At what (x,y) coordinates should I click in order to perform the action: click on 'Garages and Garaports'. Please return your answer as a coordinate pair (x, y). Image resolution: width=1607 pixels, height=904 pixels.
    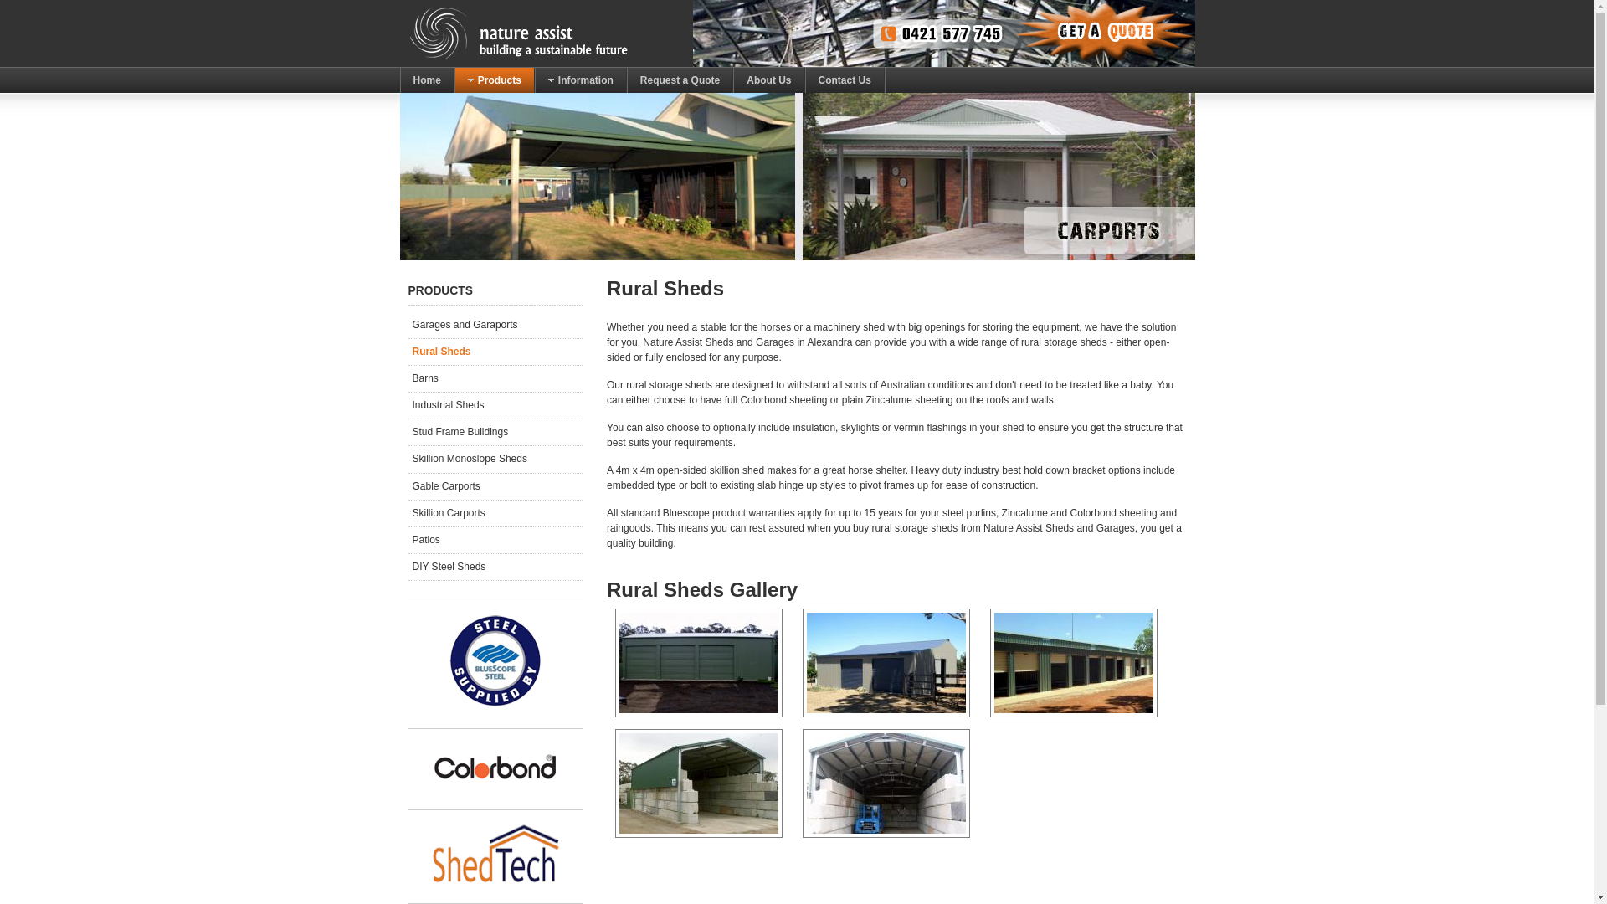
    Looking at the image, I should click on (494, 325).